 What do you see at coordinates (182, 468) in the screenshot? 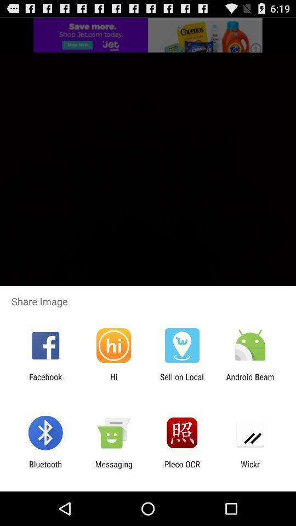
I see `the icon to the left of the wickr icon` at bounding box center [182, 468].